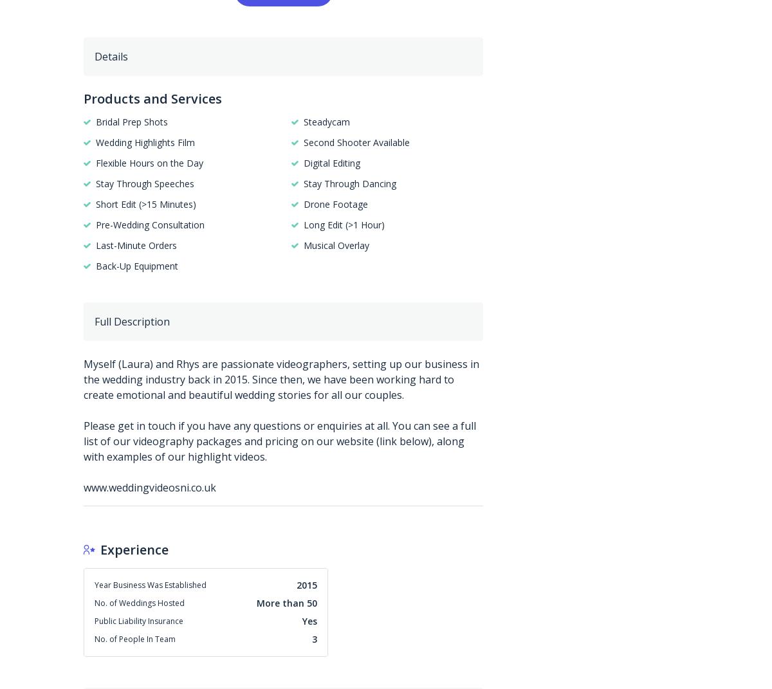 The width and height of the screenshot is (772, 689). What do you see at coordinates (136, 265) in the screenshot?
I see `'Back-Up Equipment'` at bounding box center [136, 265].